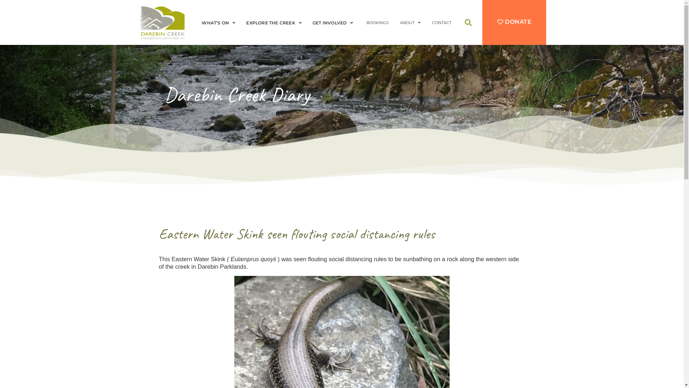  What do you see at coordinates (334, 23) in the screenshot?
I see `'GET INVOLVED'` at bounding box center [334, 23].